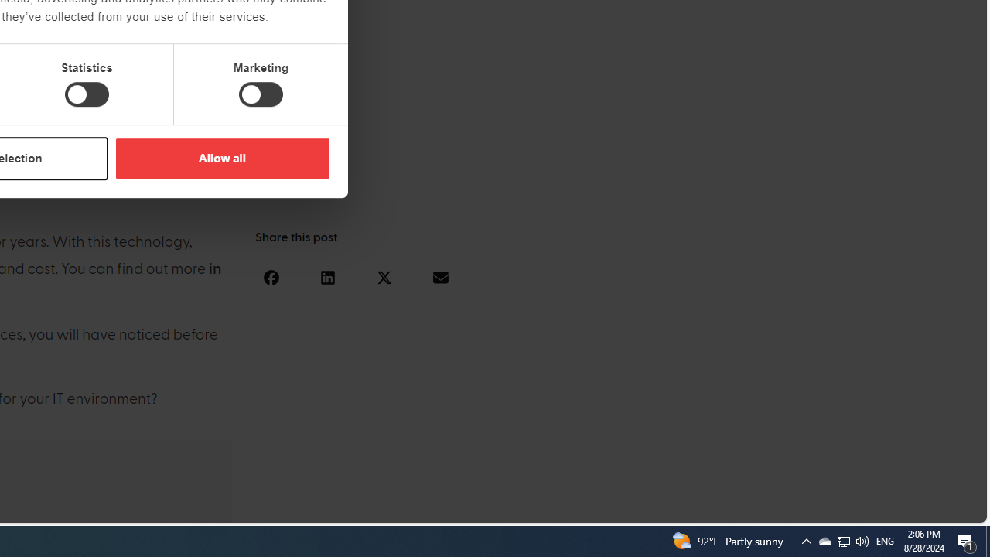  Describe the element at coordinates (871, 508) in the screenshot. I see `'Language switcher : Romanian'` at that location.